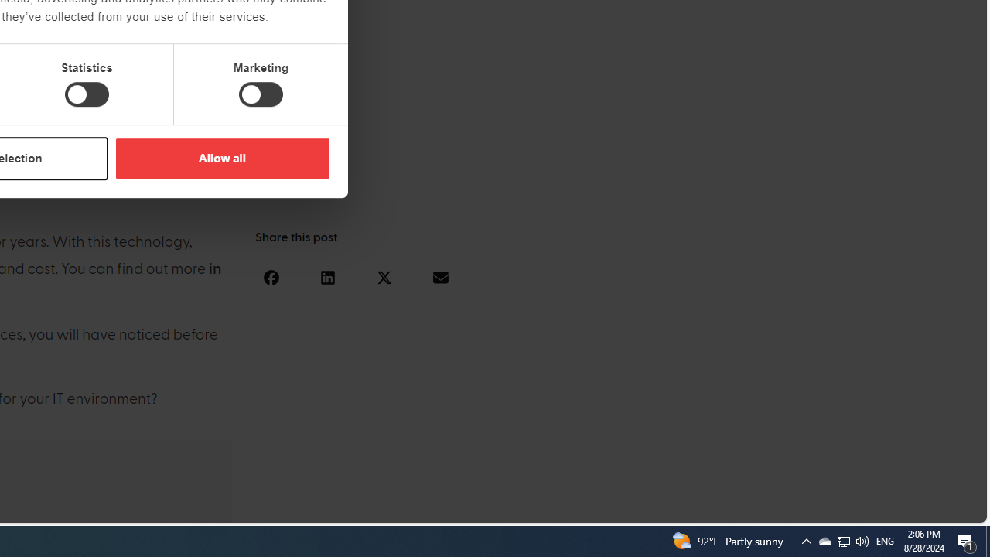  Describe the element at coordinates (871, 508) in the screenshot. I see `'Language switcher : Romanian'` at that location.